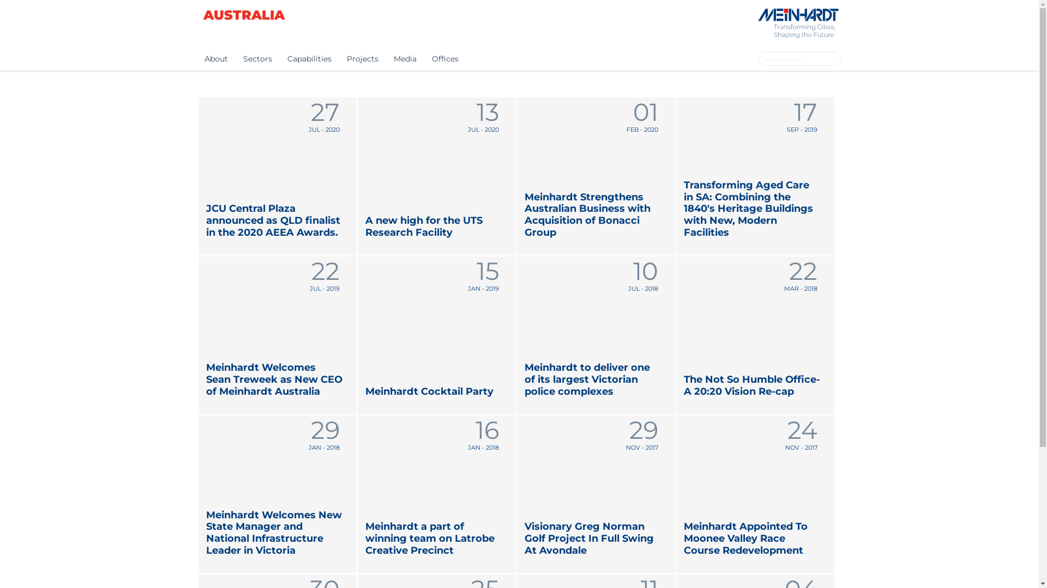  Describe the element at coordinates (445, 59) in the screenshot. I see `'Offices'` at that location.